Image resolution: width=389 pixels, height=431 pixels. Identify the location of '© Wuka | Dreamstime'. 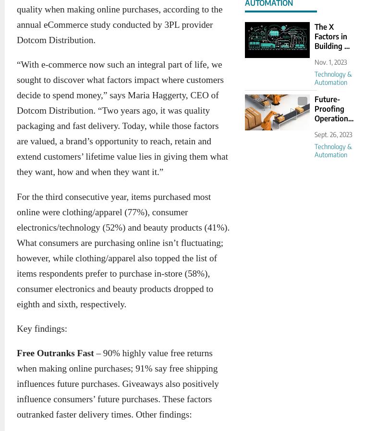
(272, 101).